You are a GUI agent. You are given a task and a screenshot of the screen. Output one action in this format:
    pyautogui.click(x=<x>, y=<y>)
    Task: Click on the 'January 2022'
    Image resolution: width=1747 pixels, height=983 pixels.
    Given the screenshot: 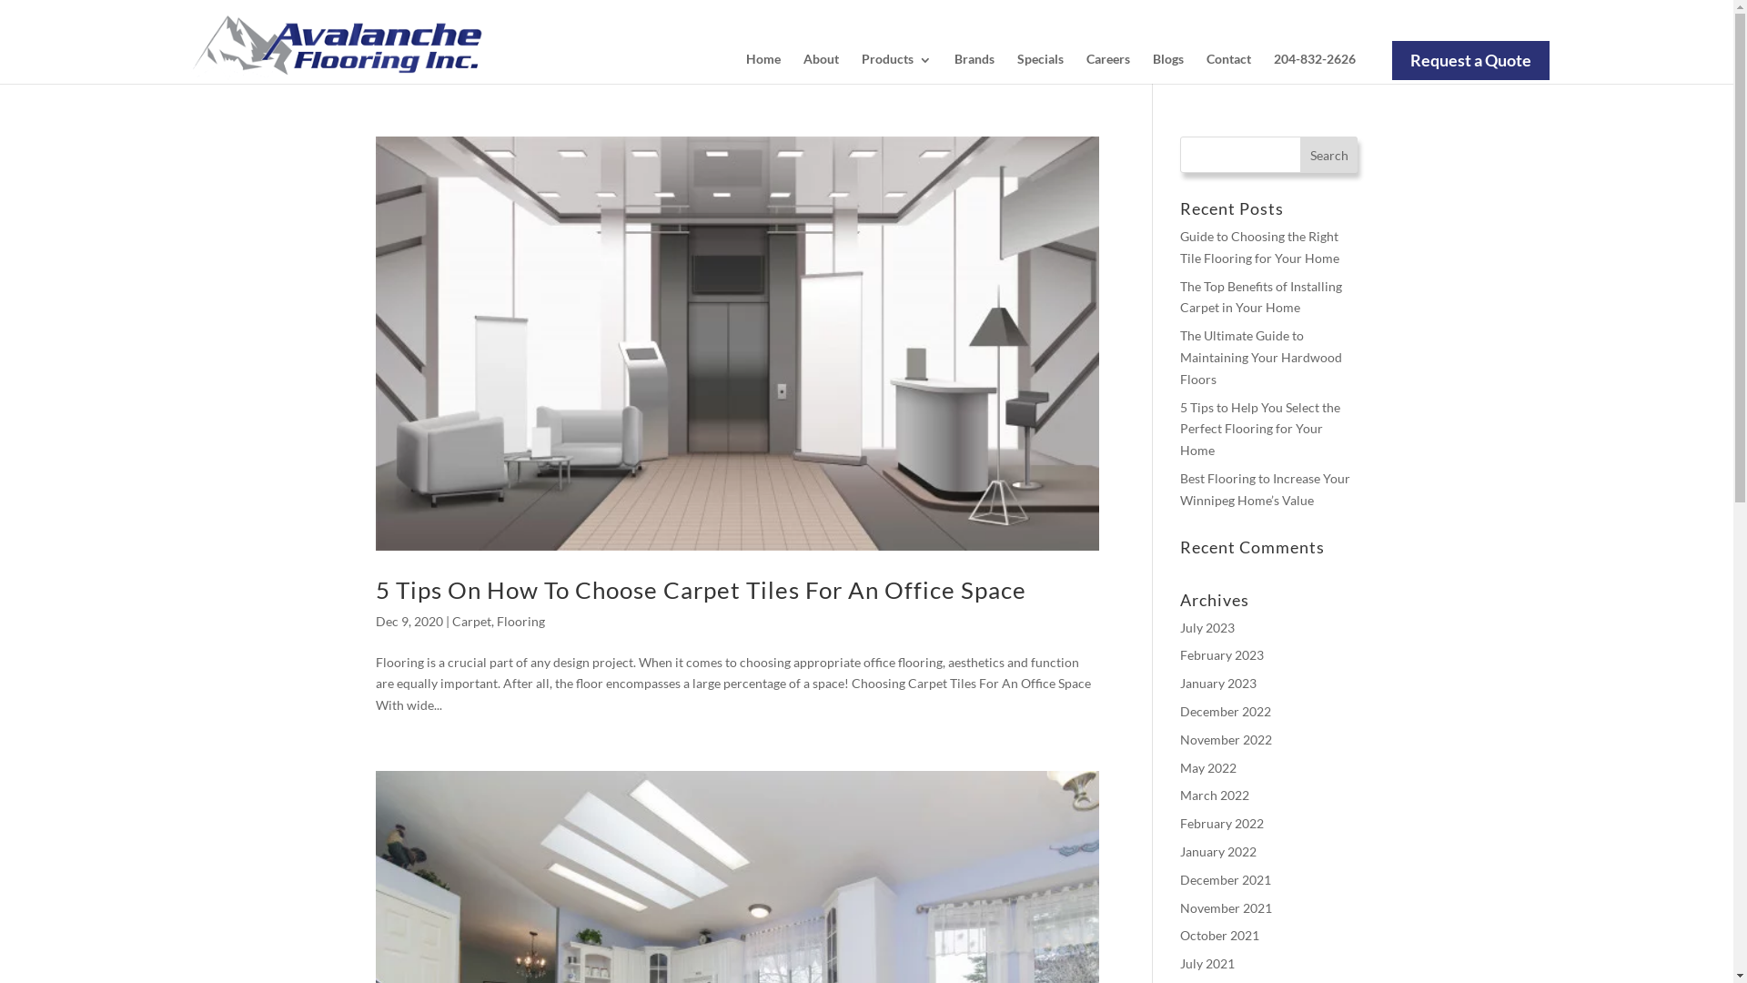 What is the action you would take?
    pyautogui.click(x=1218, y=851)
    